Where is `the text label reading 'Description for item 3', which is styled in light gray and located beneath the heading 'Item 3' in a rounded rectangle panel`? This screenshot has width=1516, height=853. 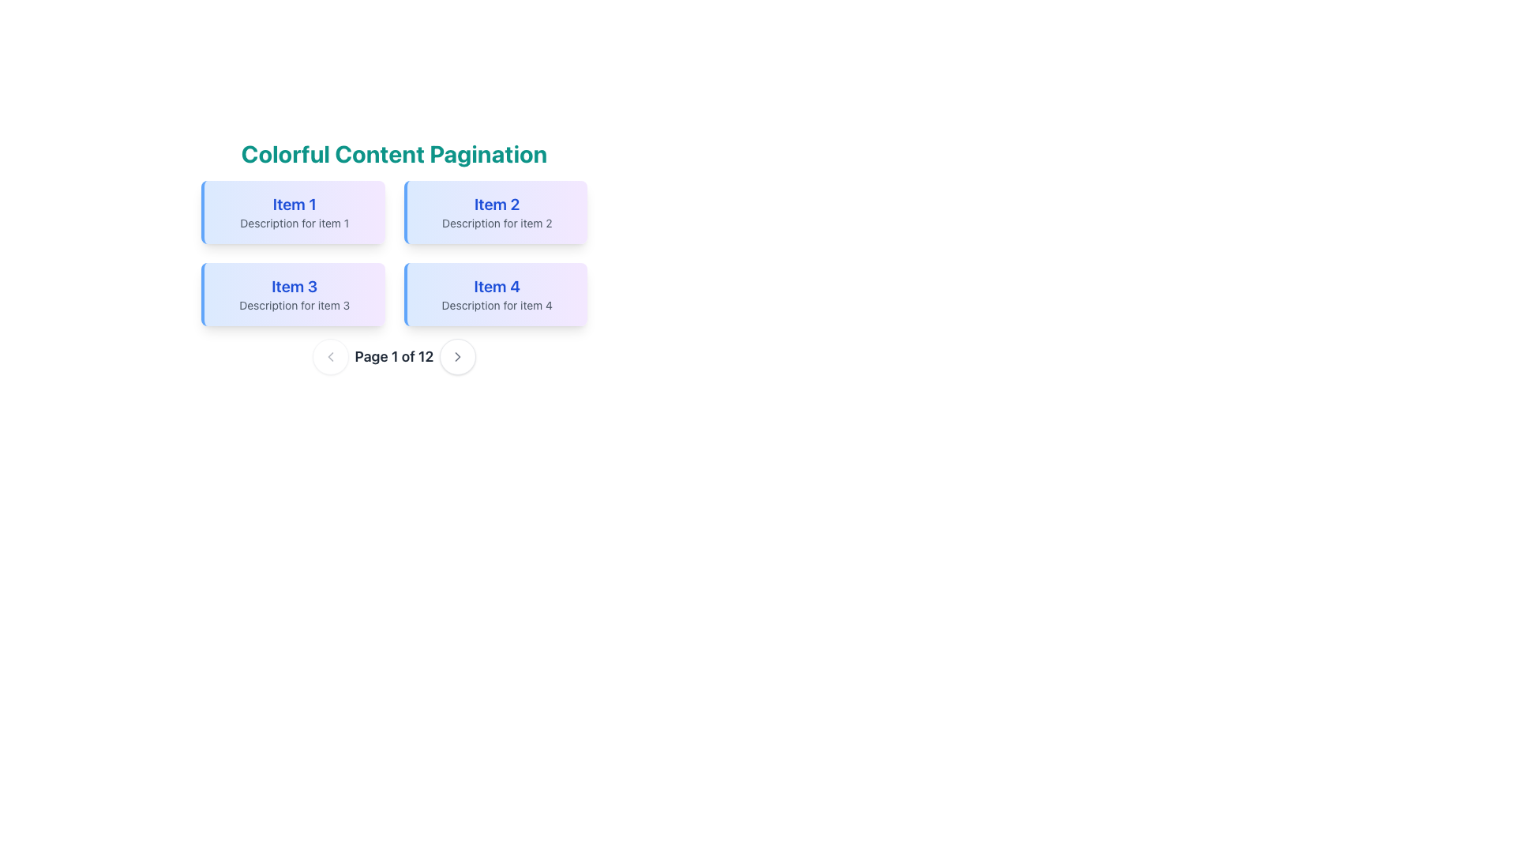 the text label reading 'Description for item 3', which is styled in light gray and located beneath the heading 'Item 3' in a rounded rectangle panel is located at coordinates (295, 305).